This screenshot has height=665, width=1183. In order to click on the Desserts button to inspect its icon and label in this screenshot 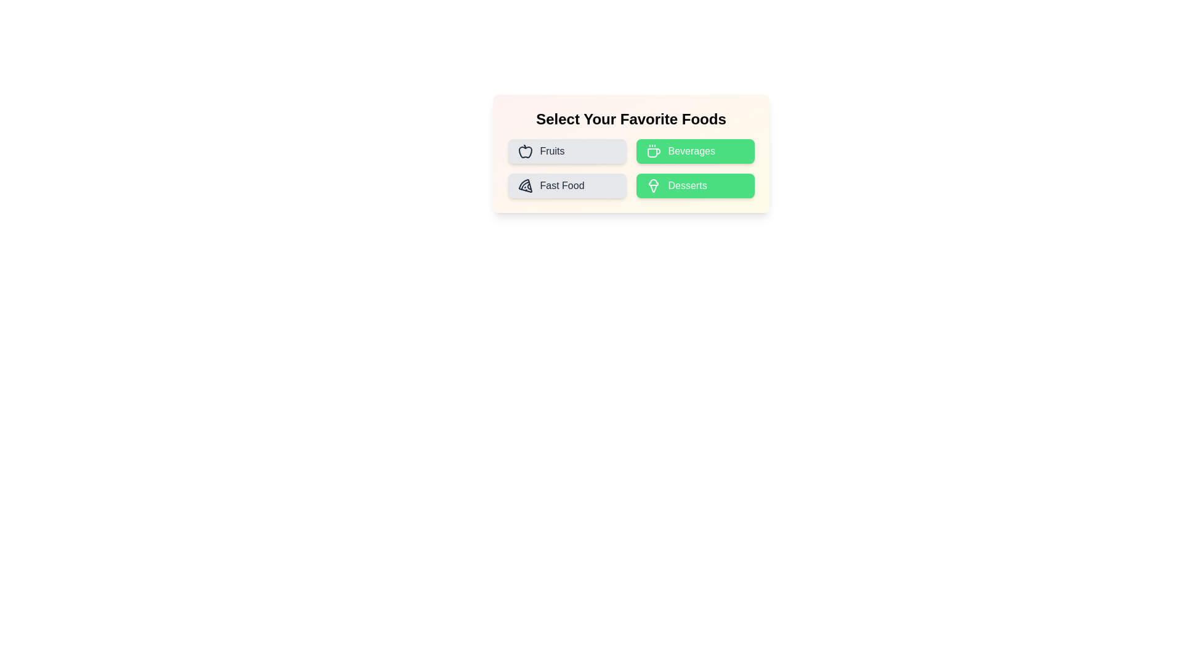, I will do `click(695, 185)`.